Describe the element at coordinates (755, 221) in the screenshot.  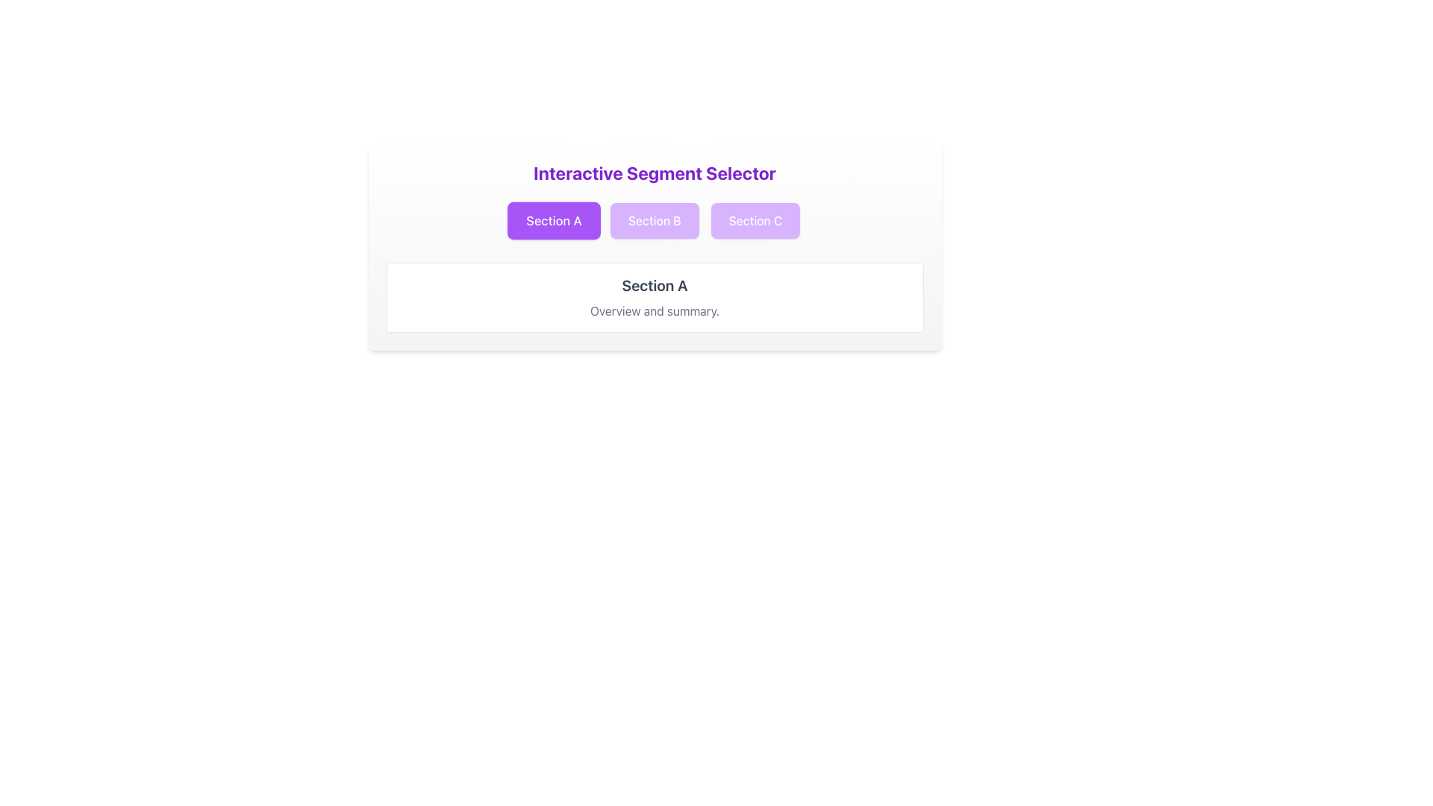
I see `the last button in the horizontal group of three buttons below the heading 'Interactive Segment Selector'` at that location.